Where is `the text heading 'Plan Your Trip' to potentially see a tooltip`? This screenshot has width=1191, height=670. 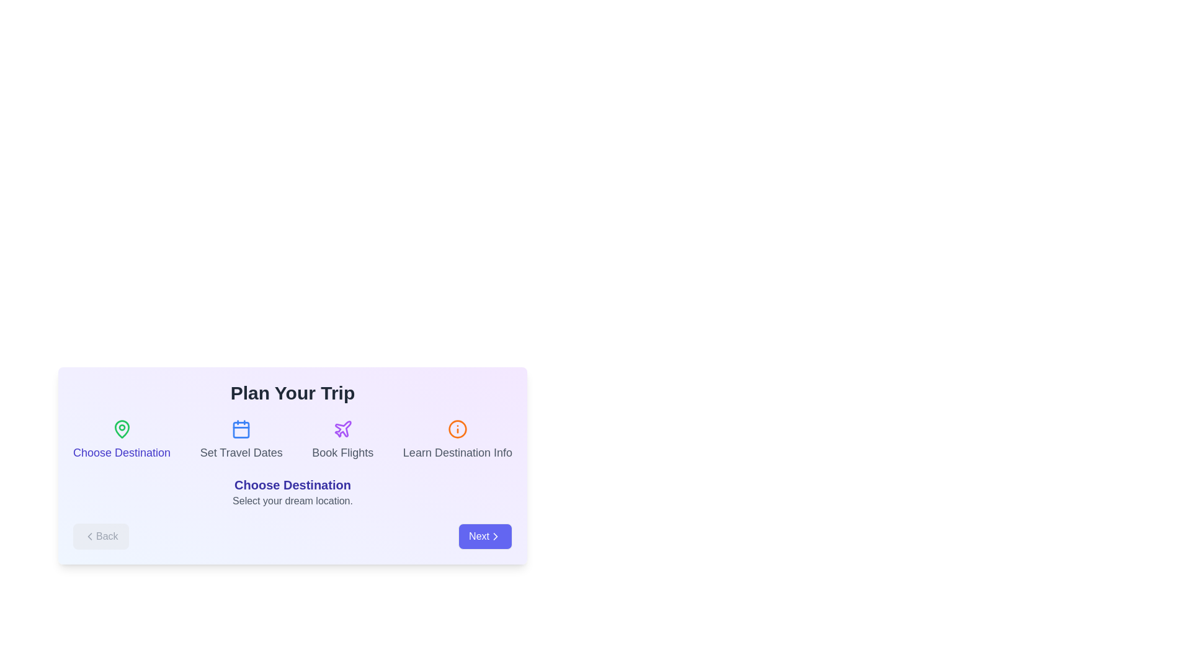
the text heading 'Plan Your Trip' to potentially see a tooltip is located at coordinates (292, 393).